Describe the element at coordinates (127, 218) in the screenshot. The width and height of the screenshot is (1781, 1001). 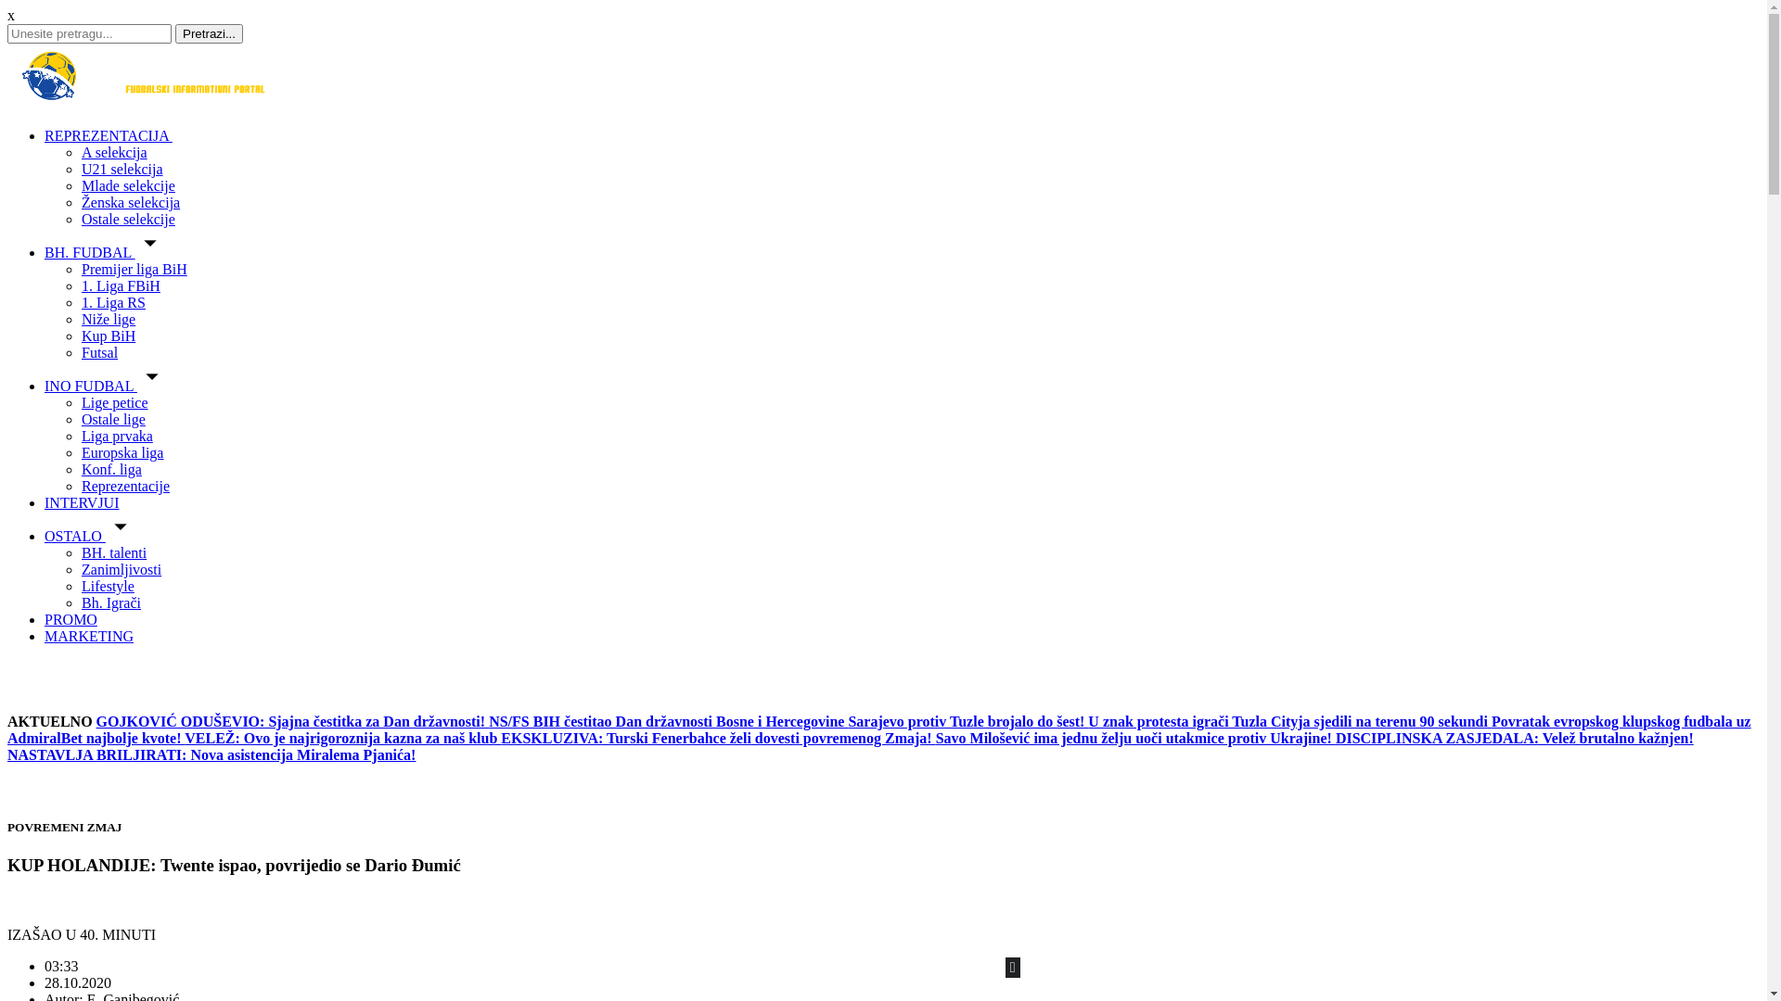
I see `'Ostale selekcije'` at that location.